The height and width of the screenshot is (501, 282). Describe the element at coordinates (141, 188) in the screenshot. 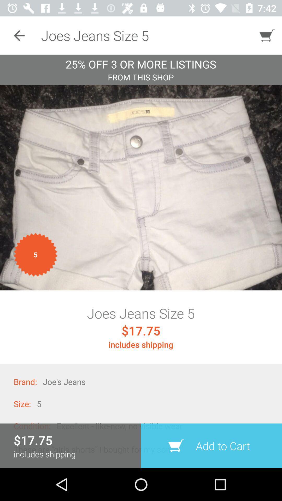

I see `picture see detail` at that location.